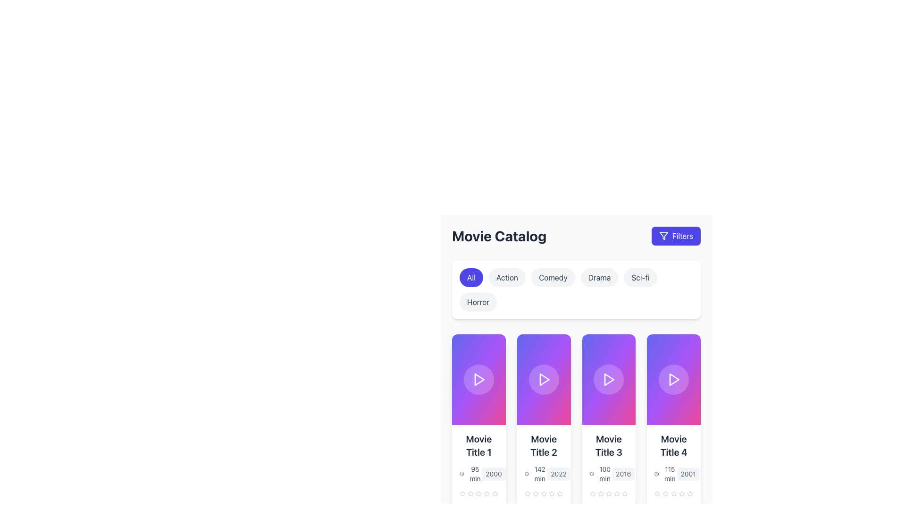  I want to click on the Text display with graphical indicator (Clock icon) element that shows '115 min 2001', located below 'Movie Title 4' in the fourth movie card, so click(673, 474).